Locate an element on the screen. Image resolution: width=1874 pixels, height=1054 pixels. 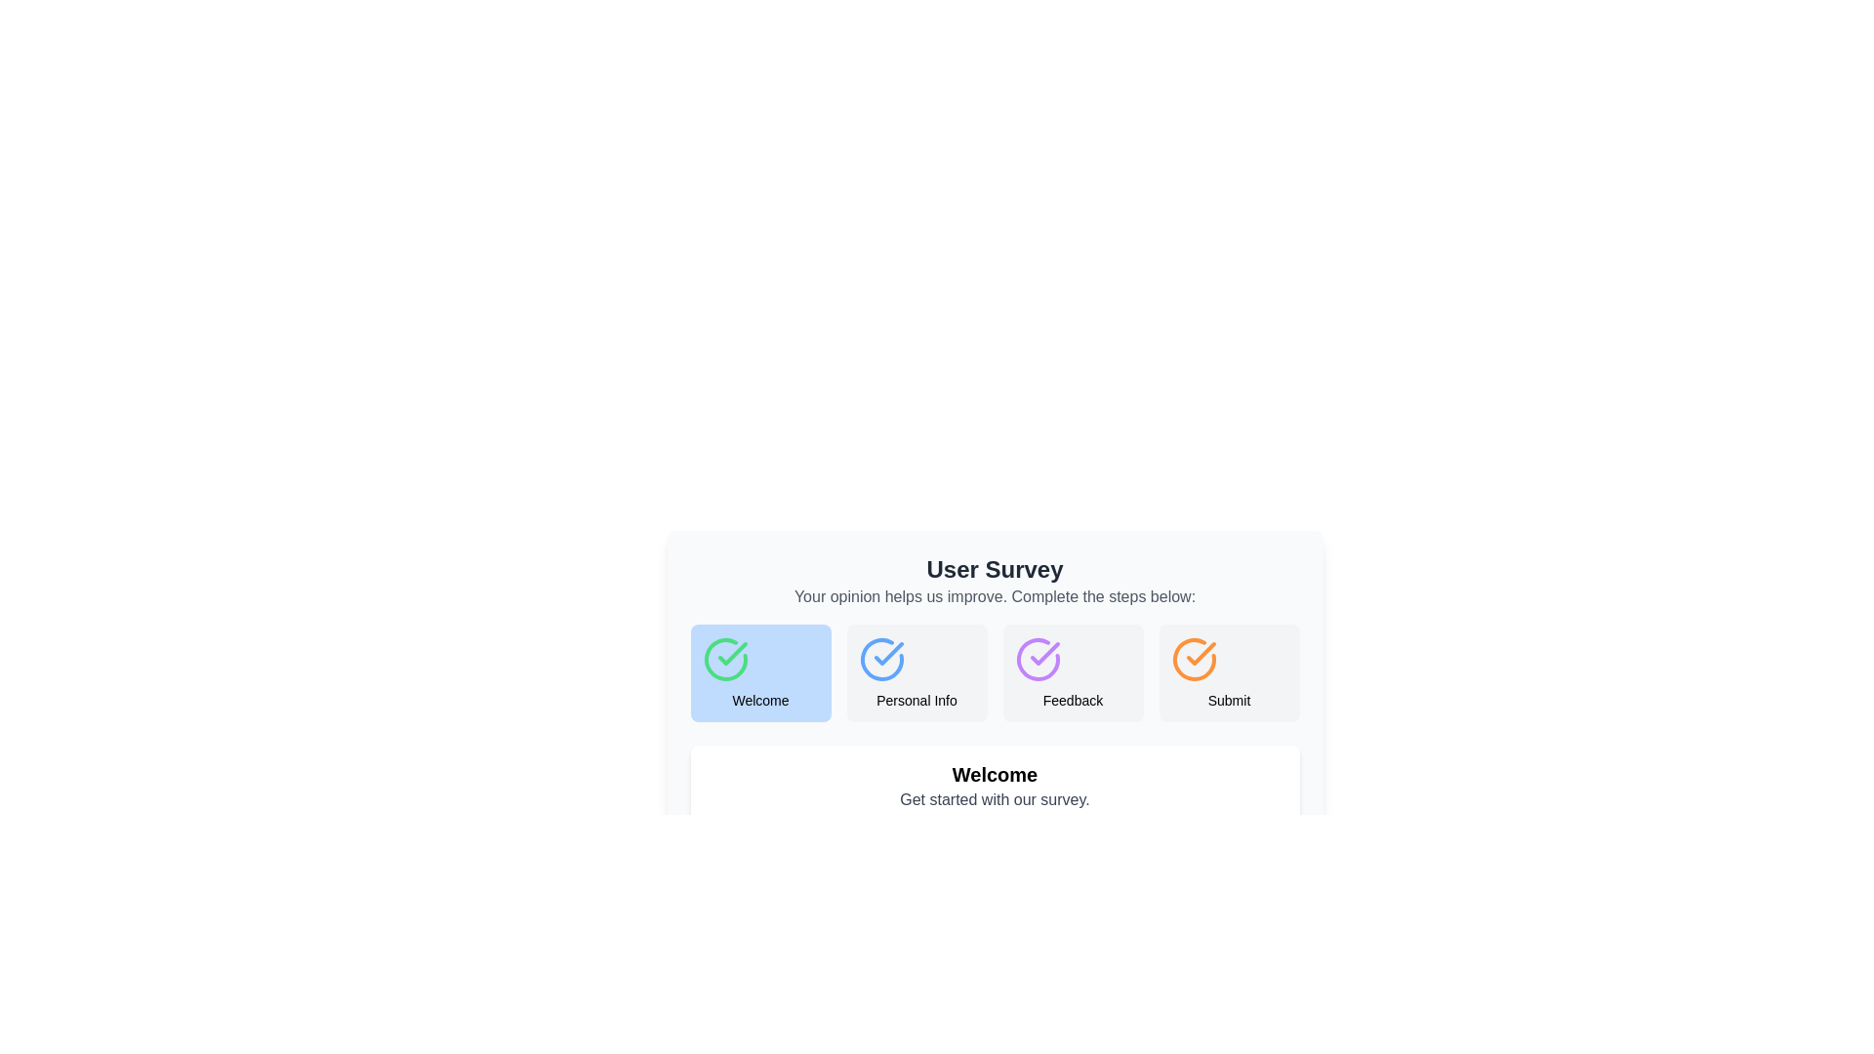
the 'Personal Info' informational card, which is the second card in a grid of four cards, located between the 'Welcome' and 'Feedback' cards is located at coordinates (916, 672).